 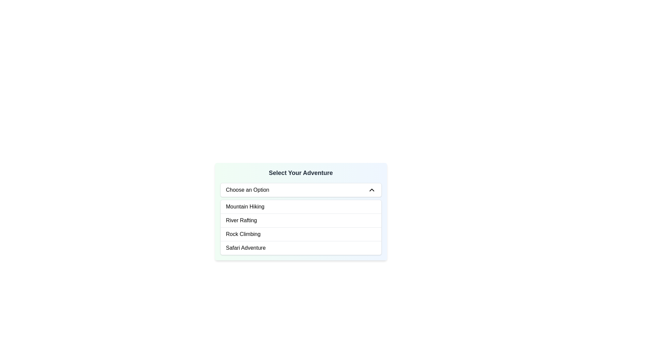 What do you see at coordinates (300, 190) in the screenshot?
I see `on the dropdown menu labeled 'Select Your Adventure'` at bounding box center [300, 190].